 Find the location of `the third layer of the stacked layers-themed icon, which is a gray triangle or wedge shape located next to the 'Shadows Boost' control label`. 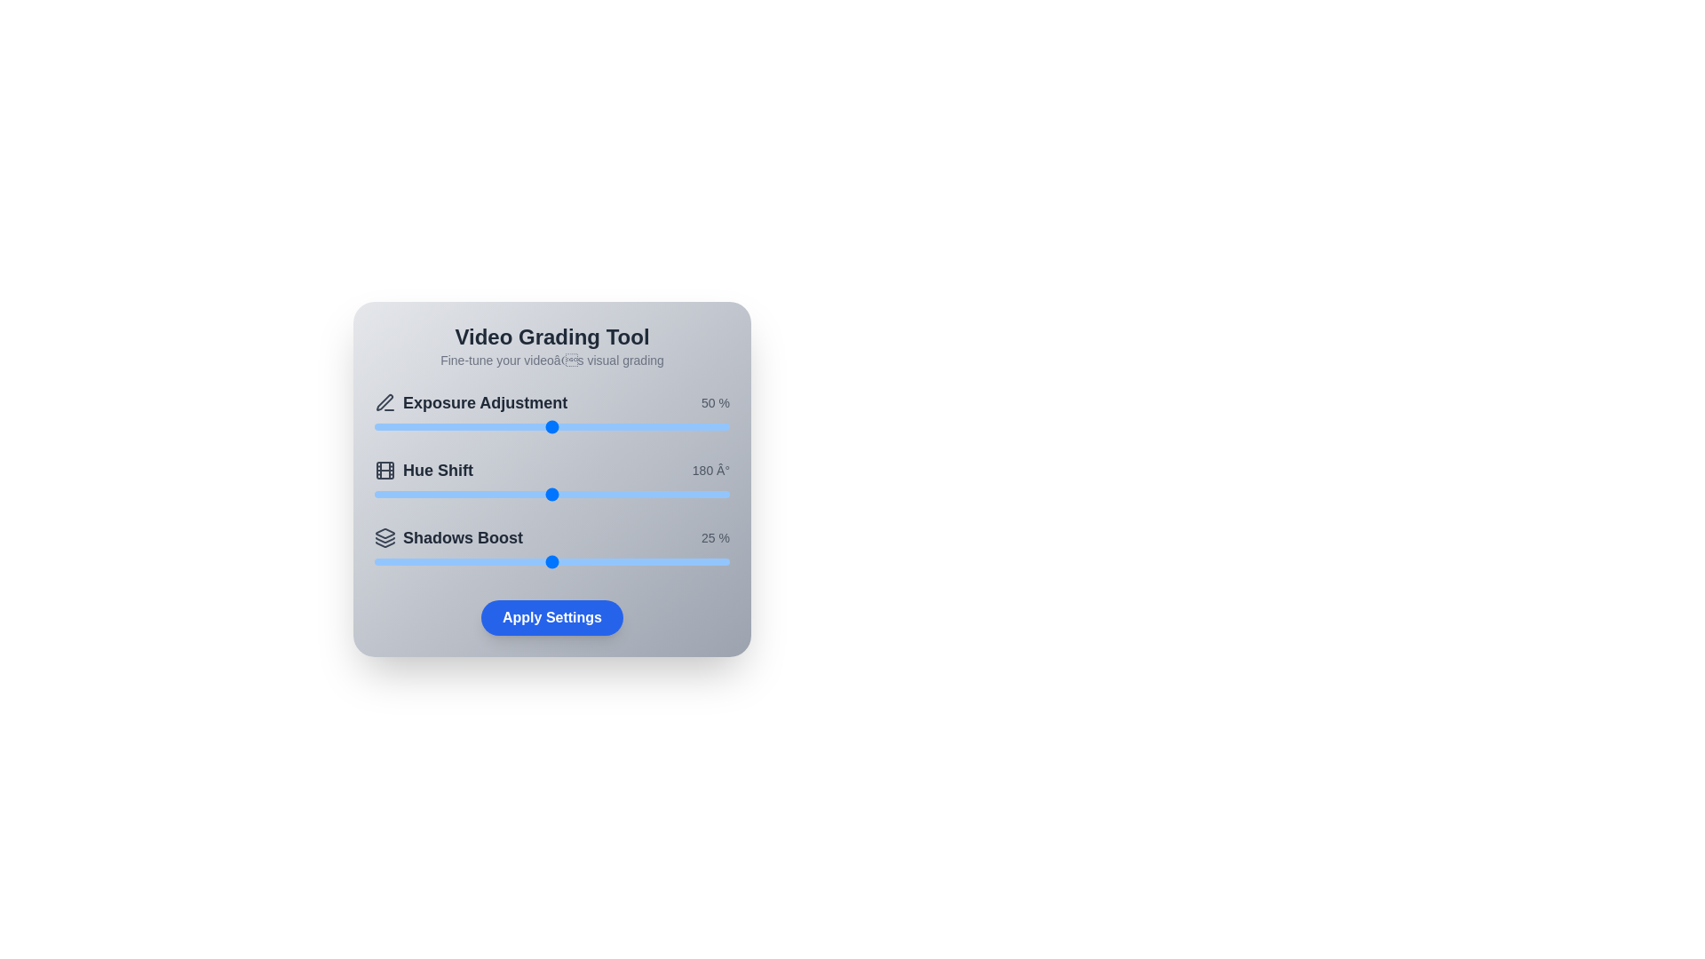

the third layer of the stacked layers-themed icon, which is a gray triangle or wedge shape located next to the 'Shadows Boost' control label is located at coordinates (384, 543).